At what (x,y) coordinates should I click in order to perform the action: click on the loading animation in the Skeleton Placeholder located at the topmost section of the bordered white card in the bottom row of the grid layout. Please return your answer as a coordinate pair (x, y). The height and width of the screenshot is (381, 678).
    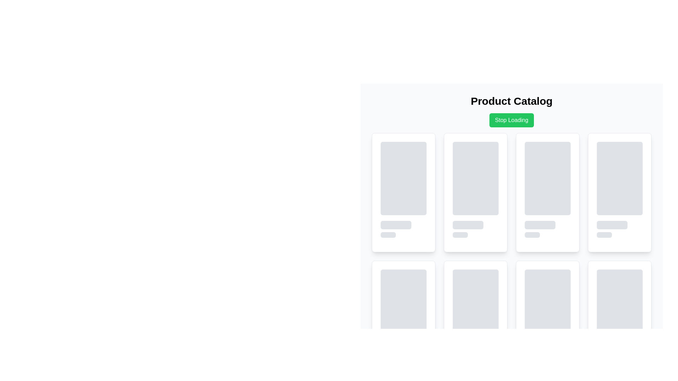
    Looking at the image, I should click on (403, 317).